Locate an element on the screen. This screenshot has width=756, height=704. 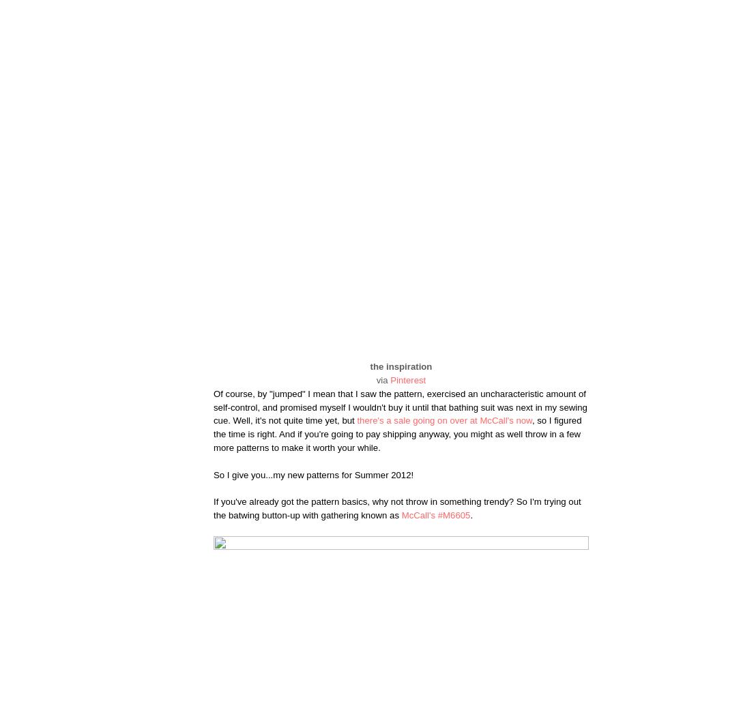
'the inspiration' is located at coordinates (401, 366).